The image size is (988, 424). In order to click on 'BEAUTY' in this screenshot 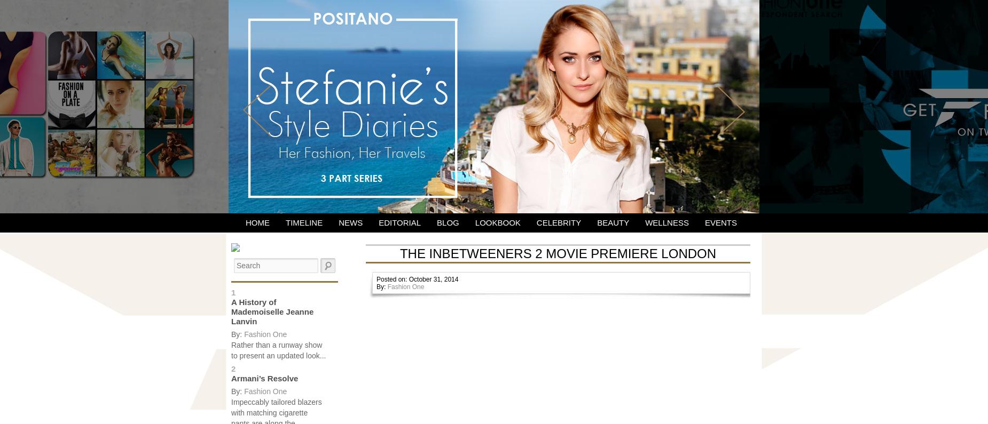, I will do `click(612, 222)`.